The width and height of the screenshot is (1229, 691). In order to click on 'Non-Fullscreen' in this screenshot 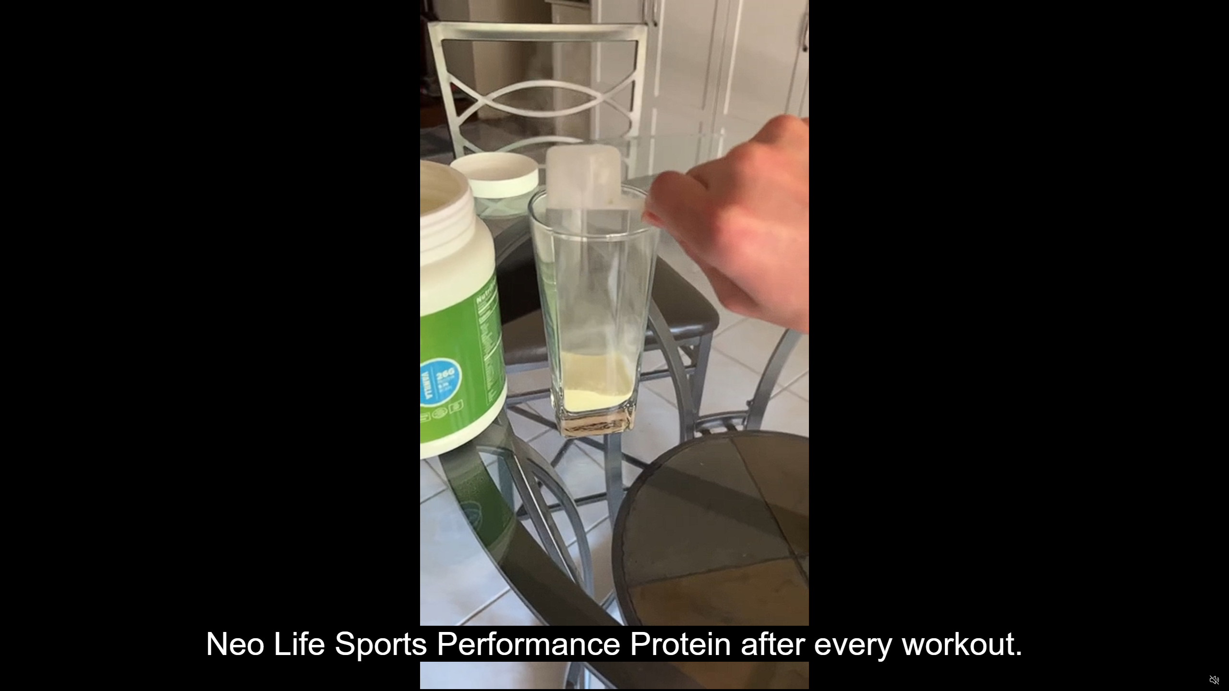, I will do `click(1196, 680)`.